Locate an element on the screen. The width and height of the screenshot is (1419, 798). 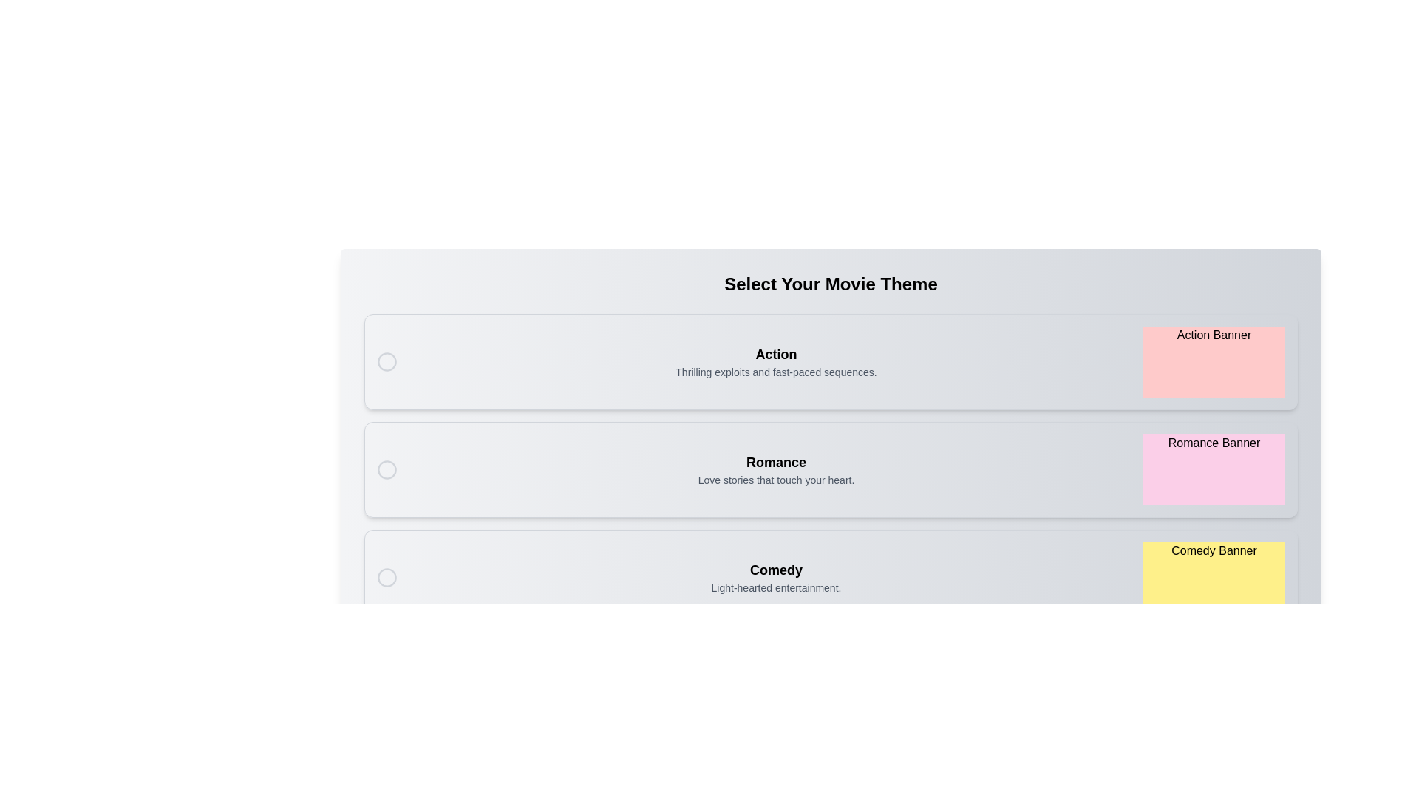
the text display that shows 'Action' in bold and the description 'Thrilling exploits and fast-paced sequences.' is located at coordinates (775, 361).